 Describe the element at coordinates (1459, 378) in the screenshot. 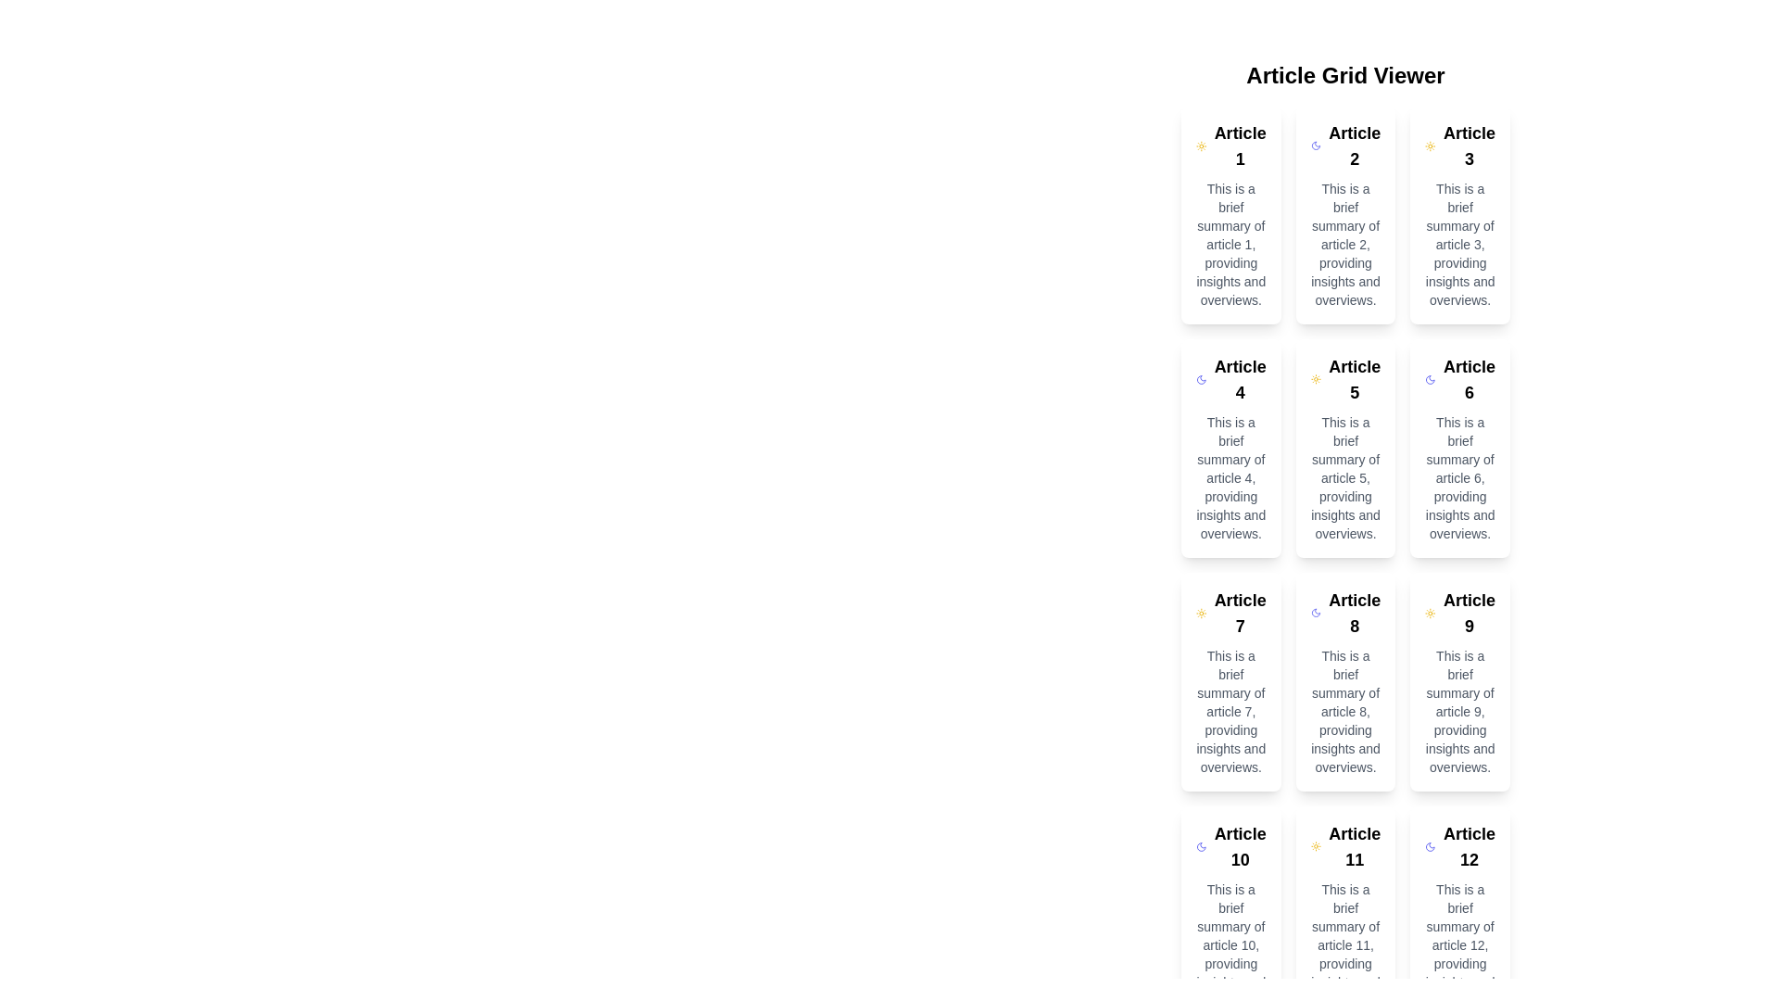

I see `title text of the card labeled 'Article 6', which is positioned at the top of the card in the second row and third column of a 4 by 3 grid` at that location.